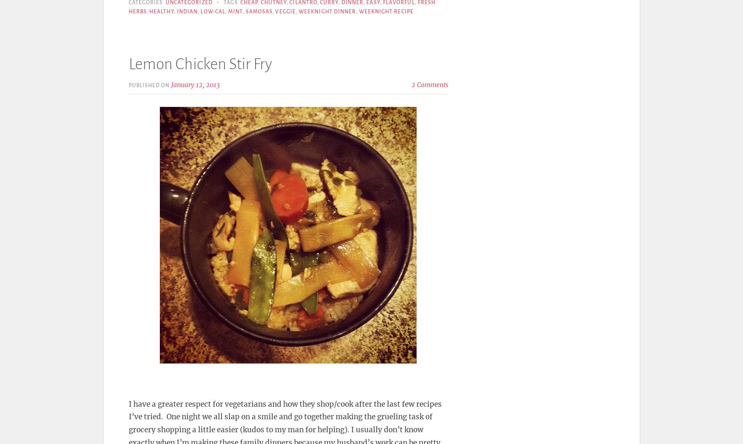 The width and height of the screenshot is (743, 444). I want to click on 'Indian', so click(176, 11).